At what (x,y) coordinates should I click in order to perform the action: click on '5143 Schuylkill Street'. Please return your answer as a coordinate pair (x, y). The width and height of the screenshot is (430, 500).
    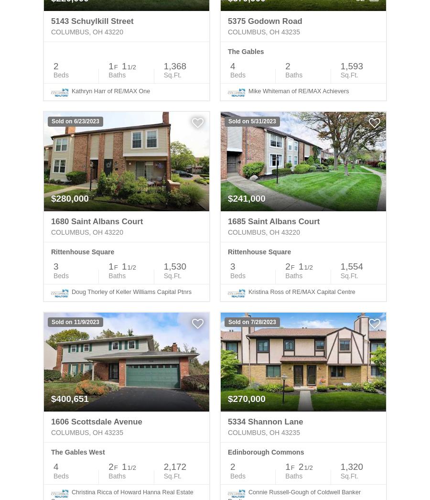
    Looking at the image, I should click on (92, 20).